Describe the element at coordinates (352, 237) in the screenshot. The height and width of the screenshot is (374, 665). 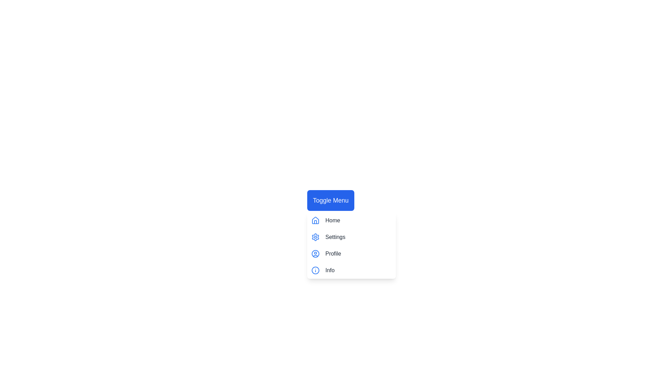
I see `the menu item Settings to highlight it` at that location.